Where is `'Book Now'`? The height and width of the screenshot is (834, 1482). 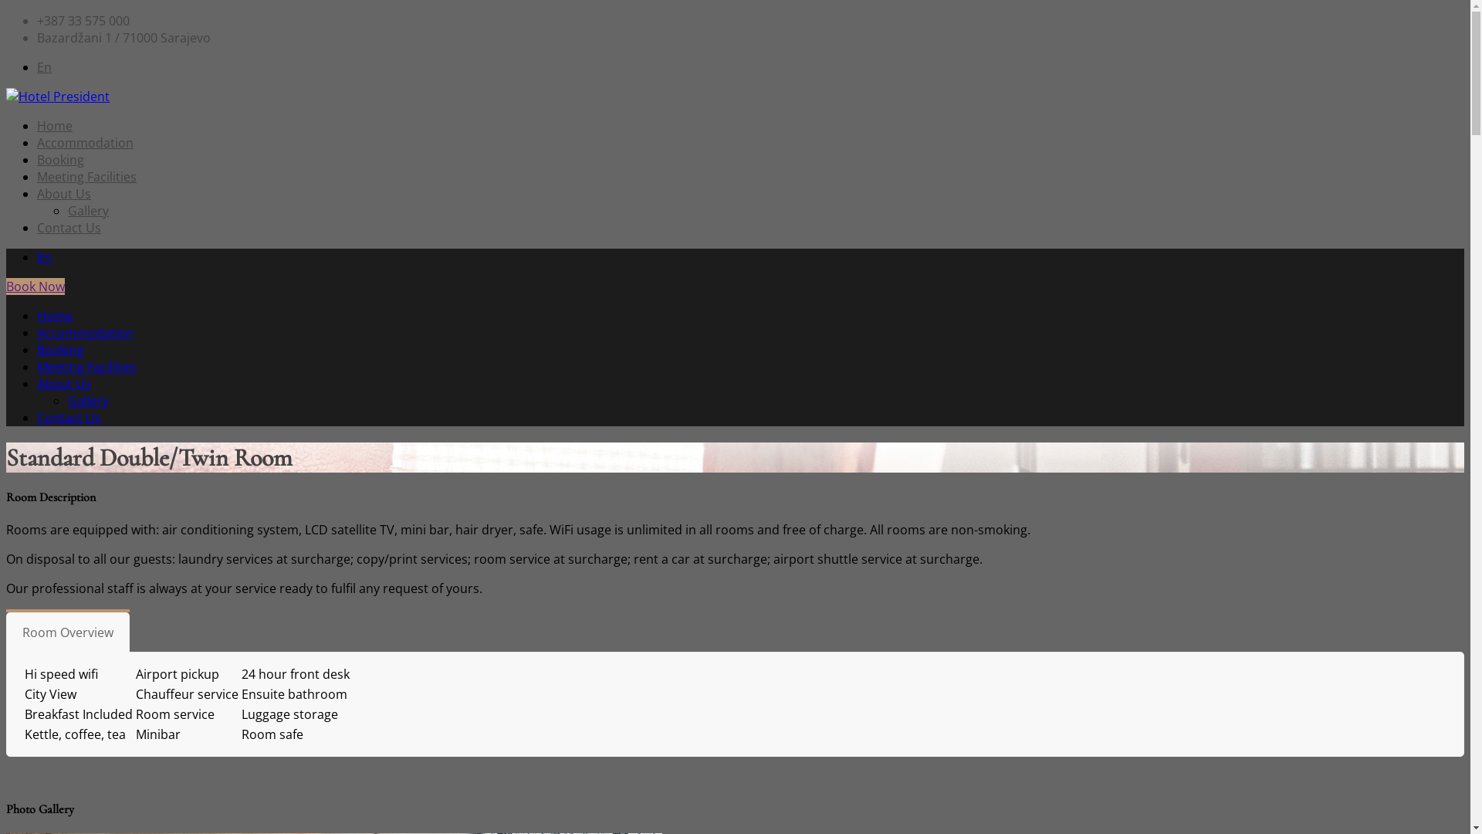
'Book Now' is located at coordinates (6, 286).